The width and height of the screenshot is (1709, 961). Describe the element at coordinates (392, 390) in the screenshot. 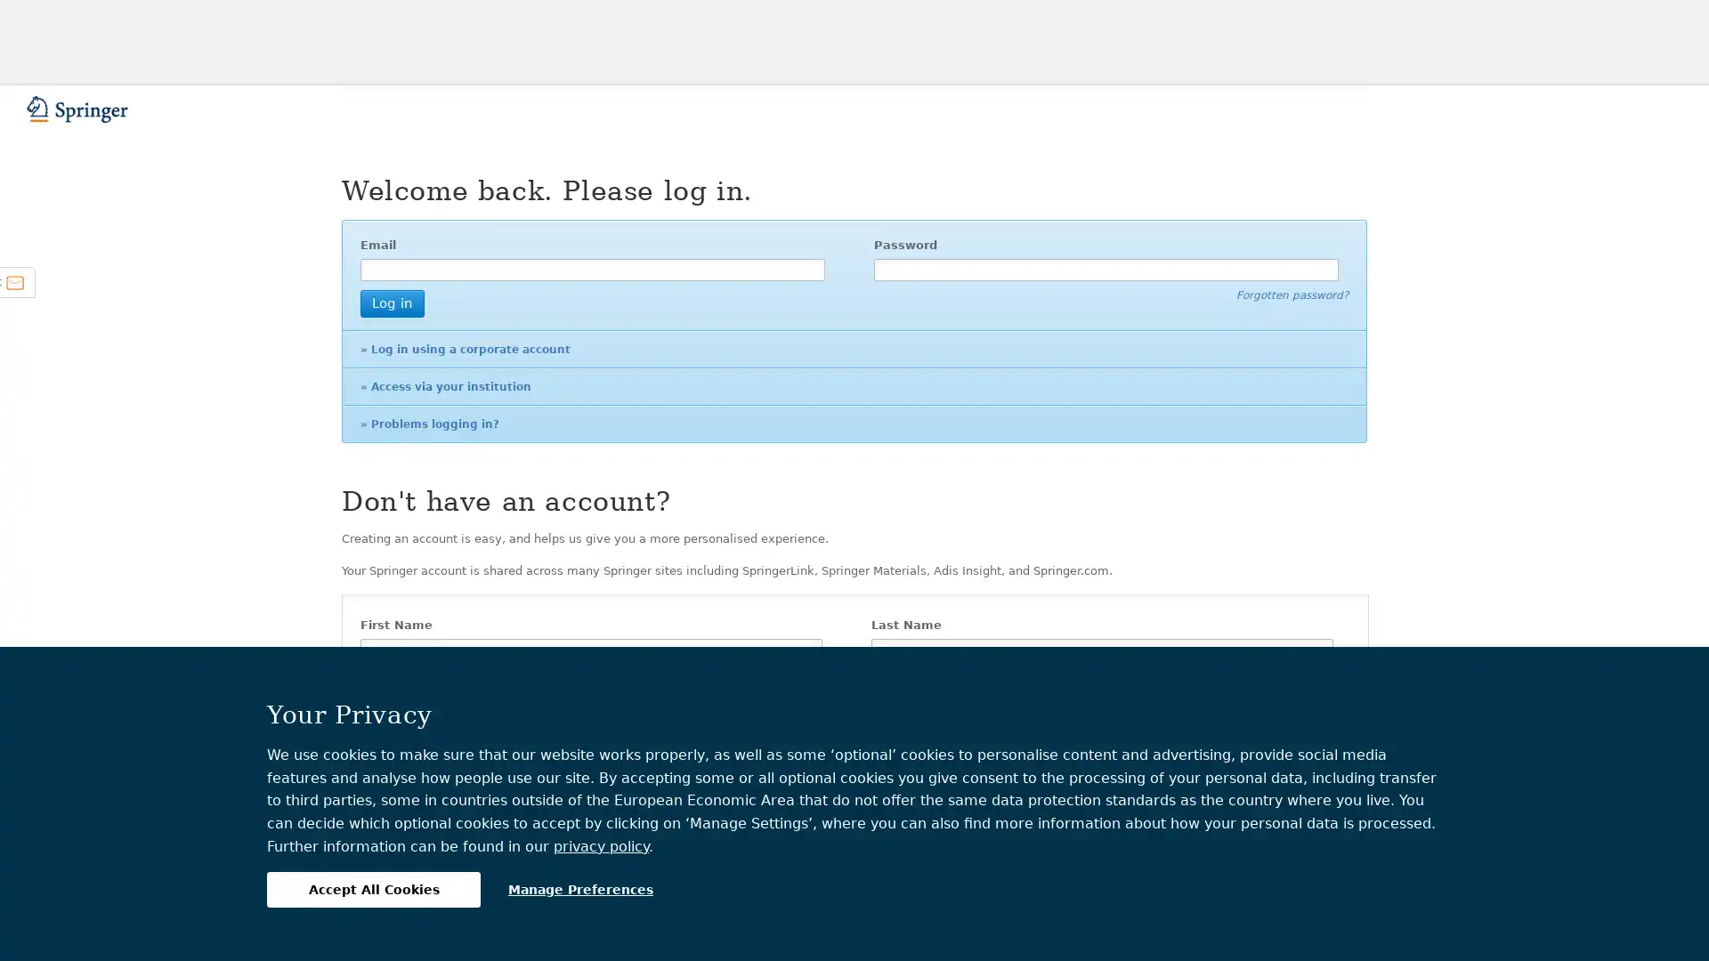

I see `Log in` at that location.